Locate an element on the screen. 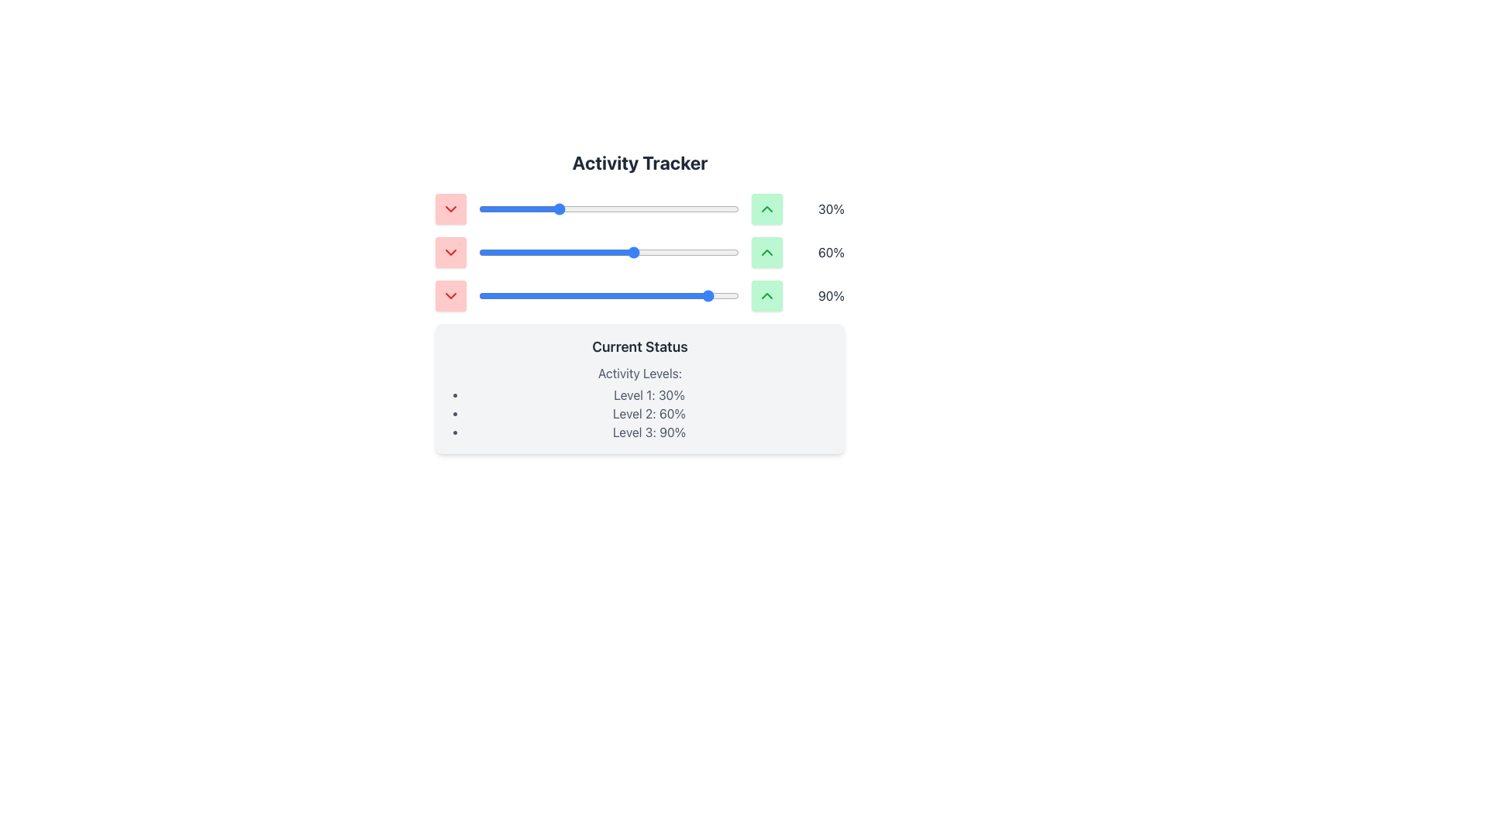 Image resolution: width=1488 pixels, height=837 pixels. the slider value is located at coordinates (611, 295).